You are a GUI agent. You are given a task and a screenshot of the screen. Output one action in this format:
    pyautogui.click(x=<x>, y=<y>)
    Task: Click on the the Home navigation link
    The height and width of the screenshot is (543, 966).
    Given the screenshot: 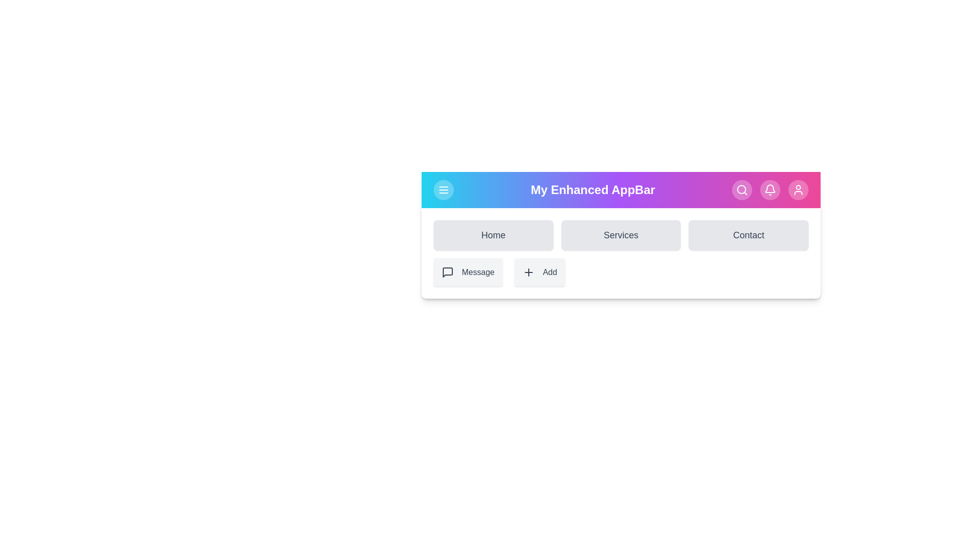 What is the action you would take?
    pyautogui.click(x=493, y=235)
    